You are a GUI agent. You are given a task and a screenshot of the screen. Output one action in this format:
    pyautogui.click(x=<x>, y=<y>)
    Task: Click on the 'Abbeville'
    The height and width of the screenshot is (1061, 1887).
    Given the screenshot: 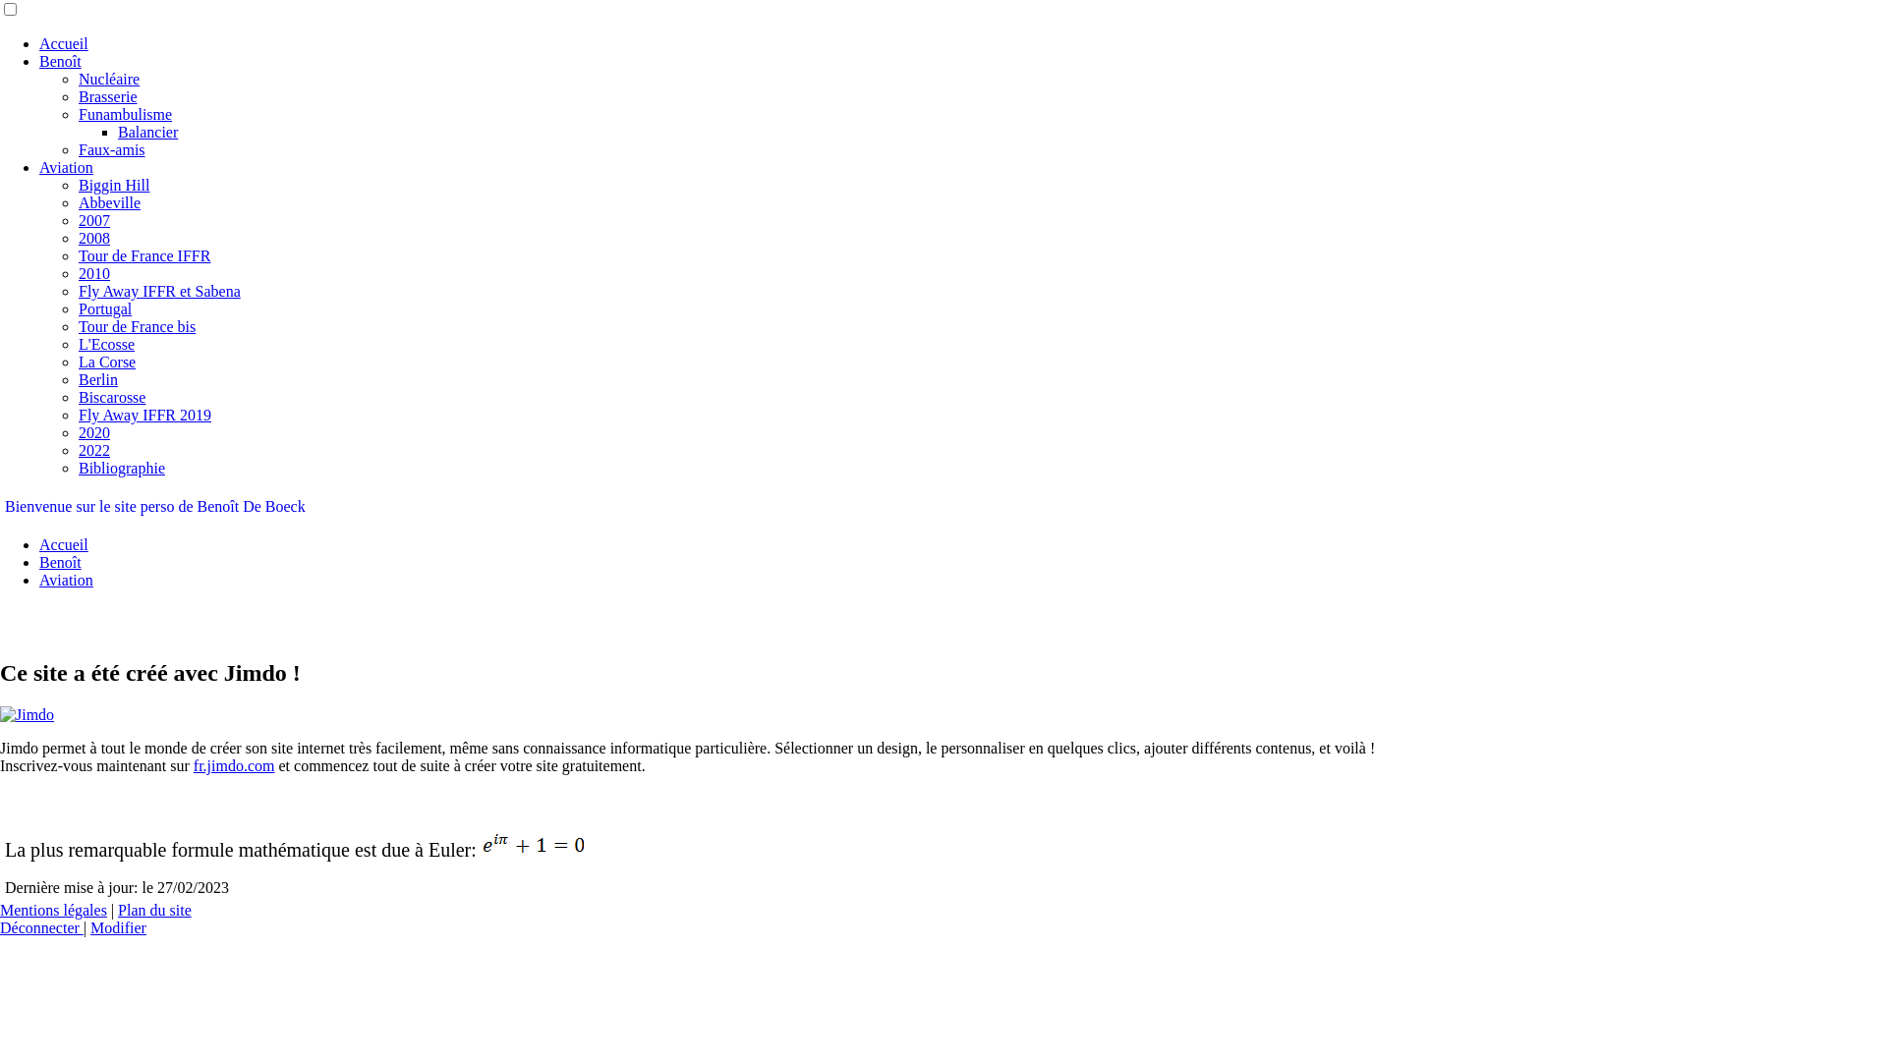 What is the action you would take?
    pyautogui.click(x=79, y=202)
    